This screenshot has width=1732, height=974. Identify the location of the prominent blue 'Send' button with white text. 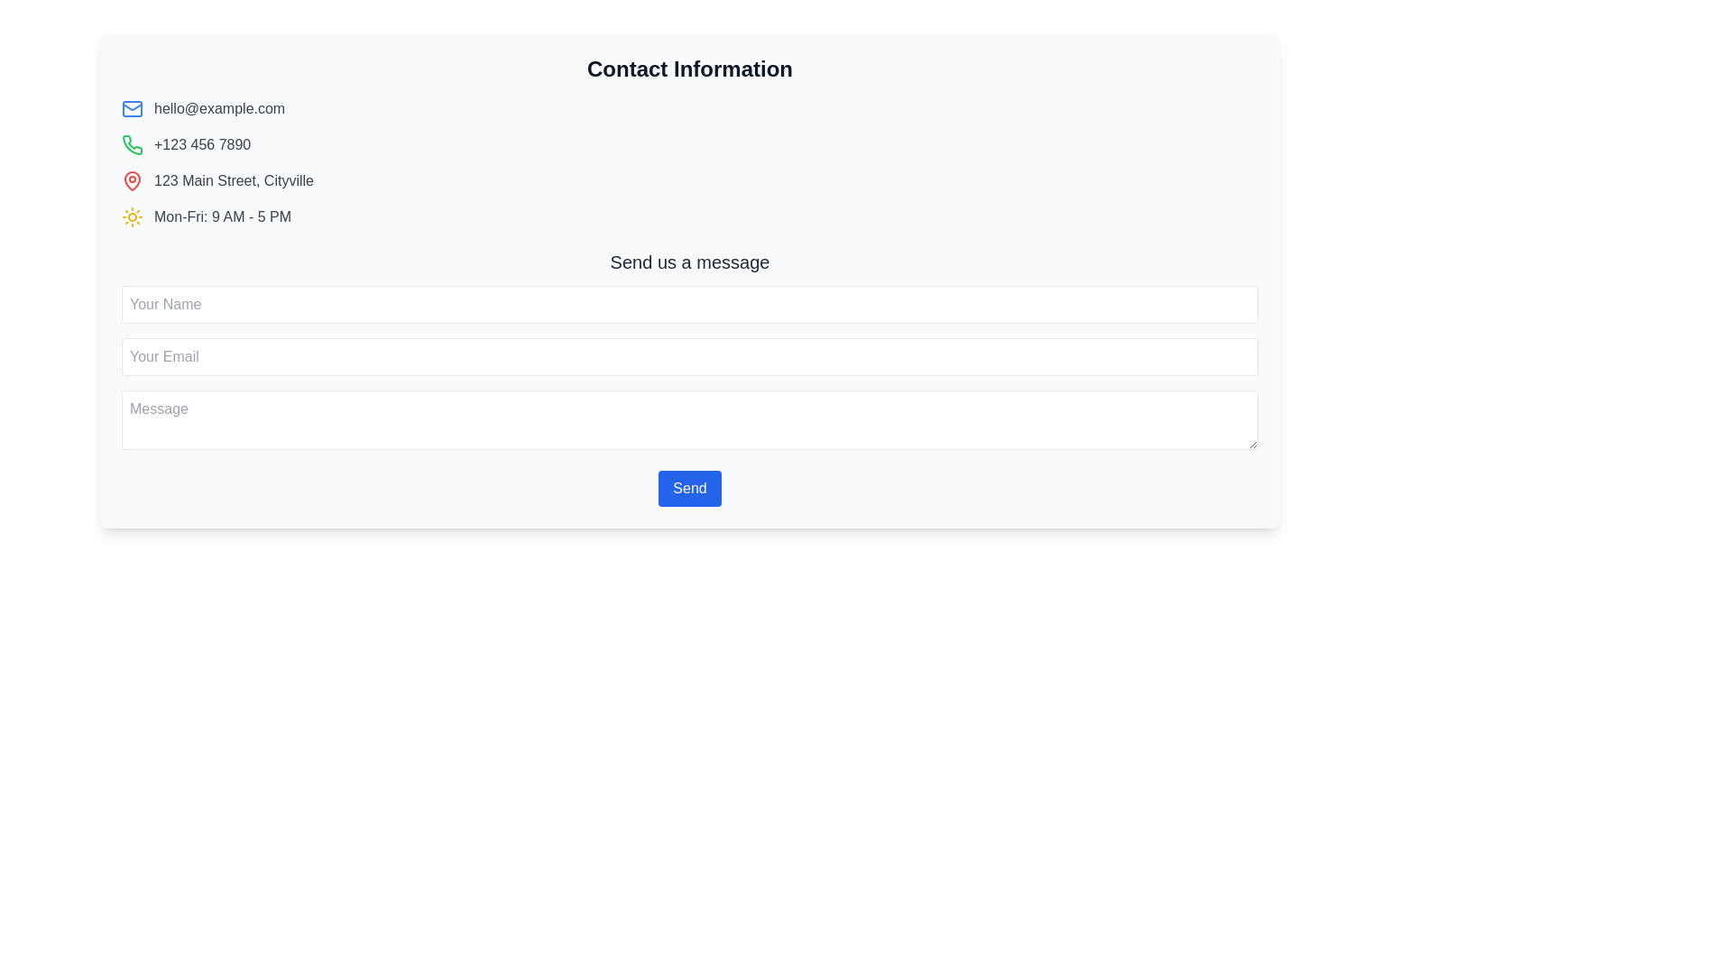
(688, 489).